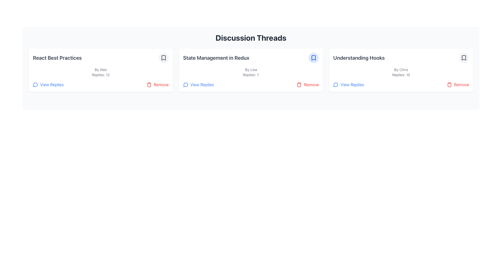 The width and height of the screenshot is (494, 278). I want to click on the 'Remove' button in the options bar of the 'Understanding Hooks' discussion thread, so click(458, 84).